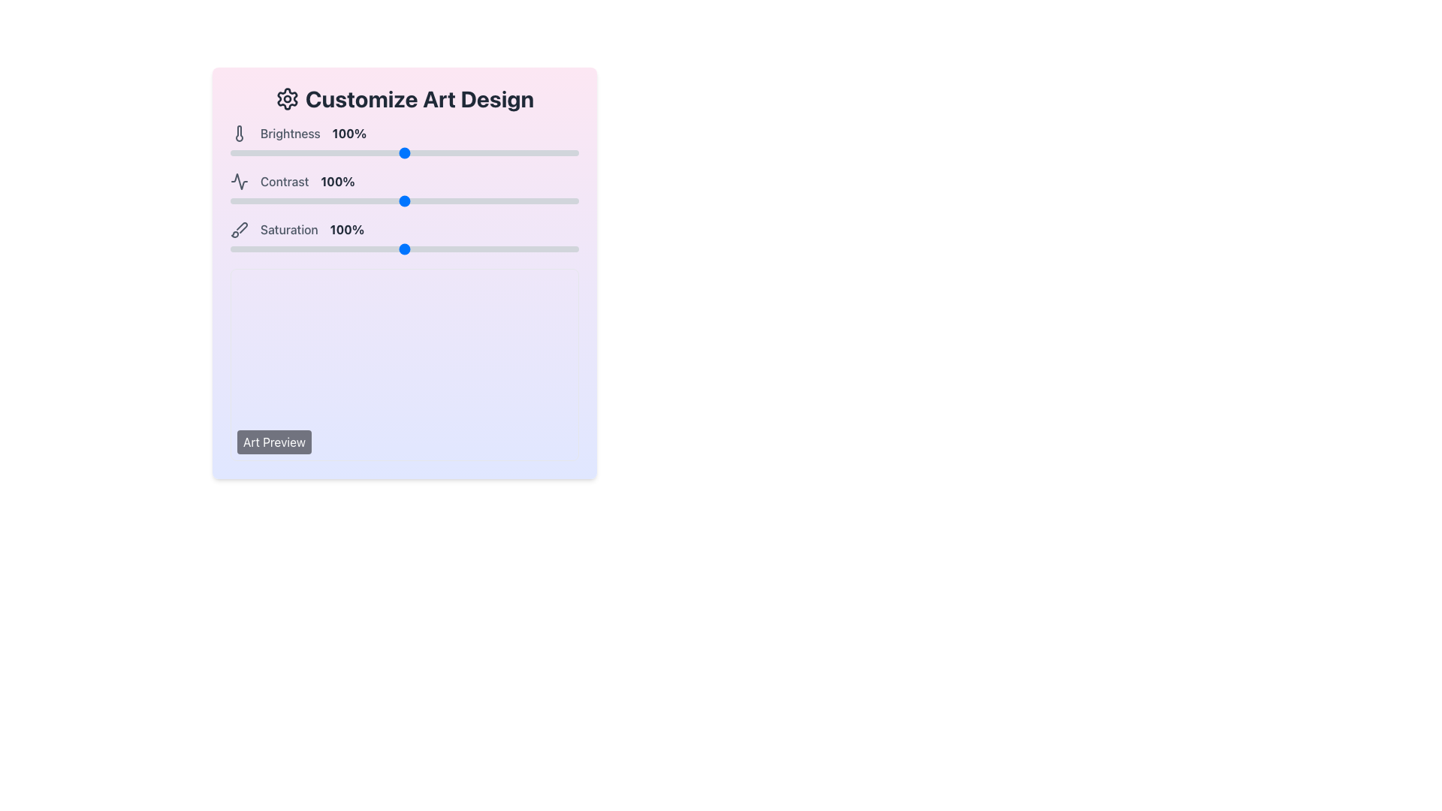  Describe the element at coordinates (555, 153) in the screenshot. I see `brightness` at that location.